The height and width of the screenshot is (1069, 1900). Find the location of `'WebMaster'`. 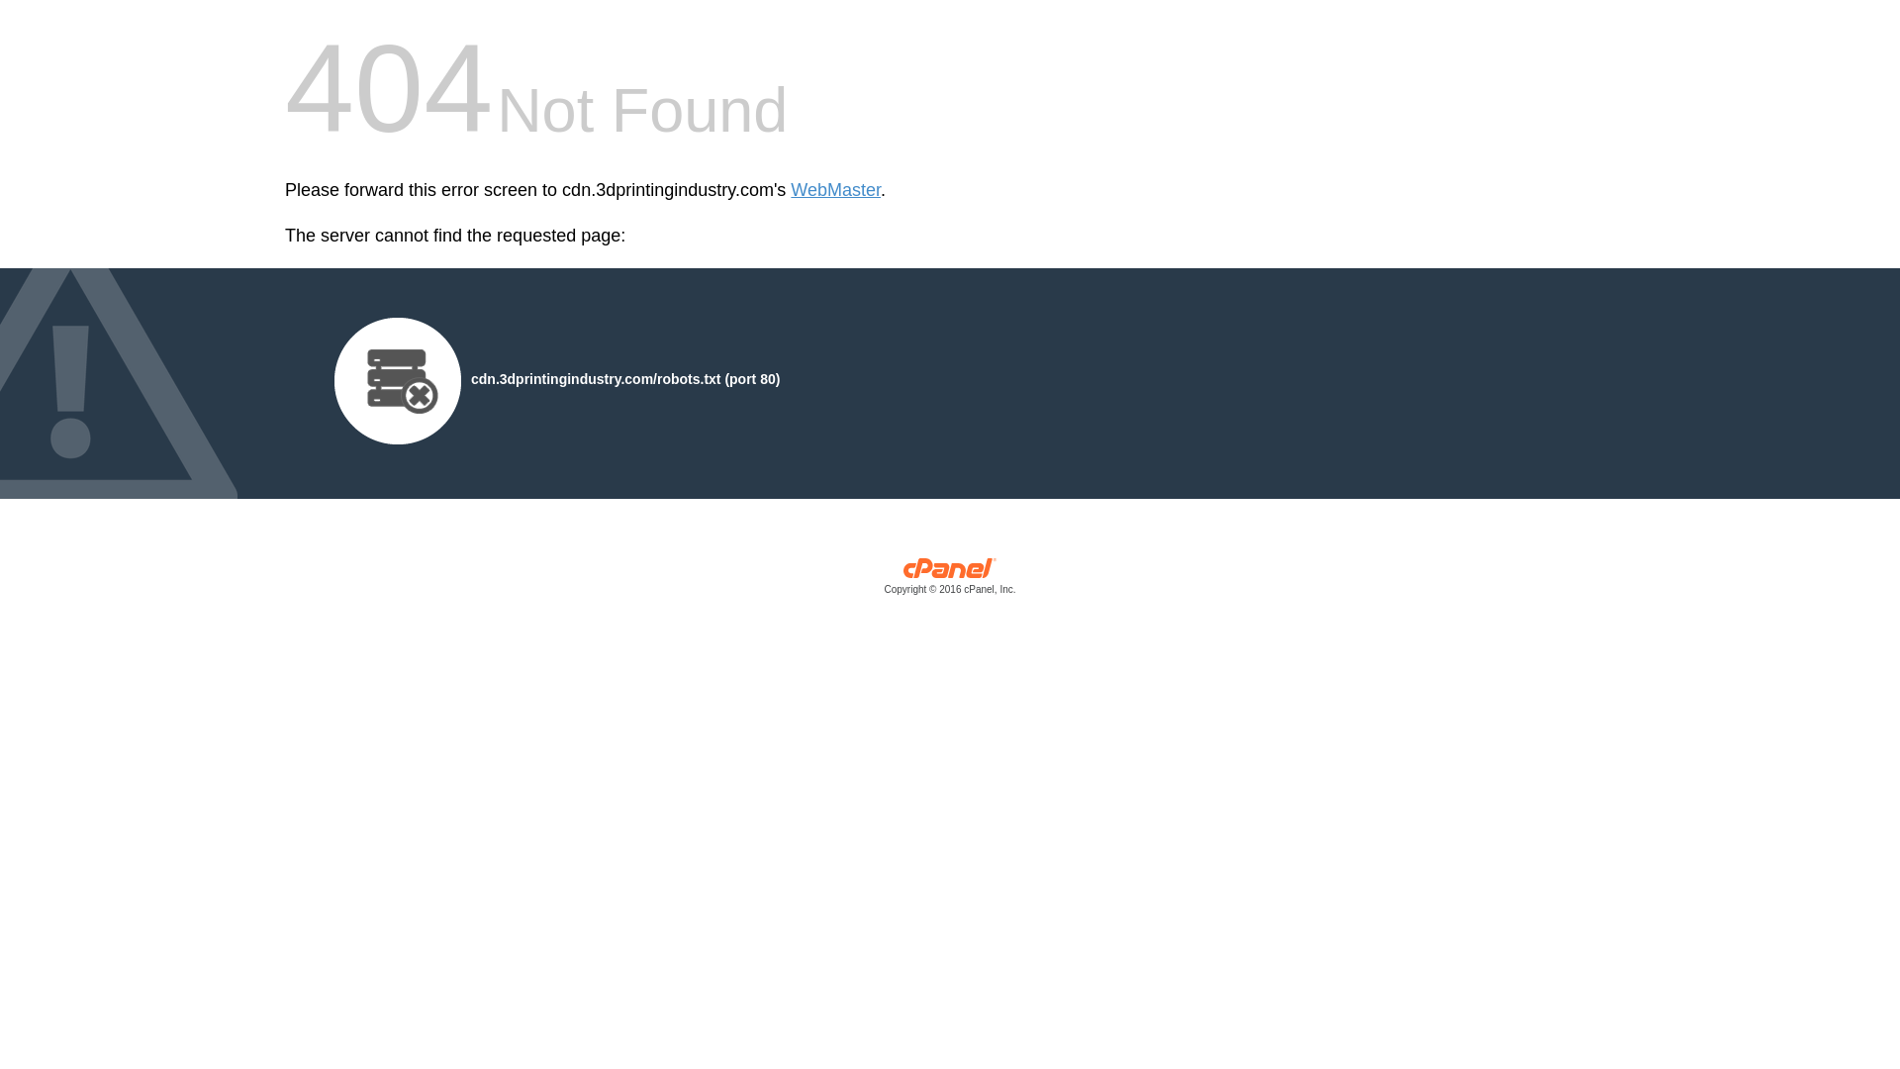

'WebMaster' is located at coordinates (789, 190).